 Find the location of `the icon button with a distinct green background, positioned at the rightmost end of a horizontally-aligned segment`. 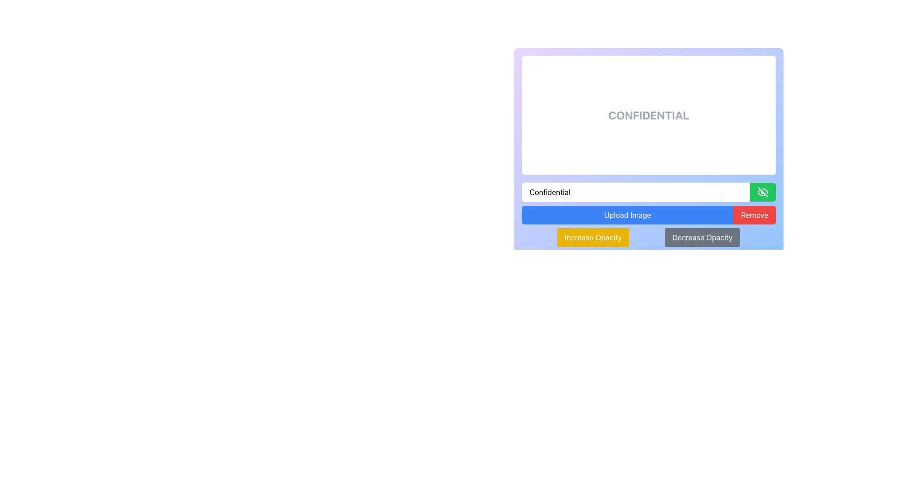

the icon button with a distinct green background, positioned at the rightmost end of a horizontally-aligned segment is located at coordinates (762, 192).